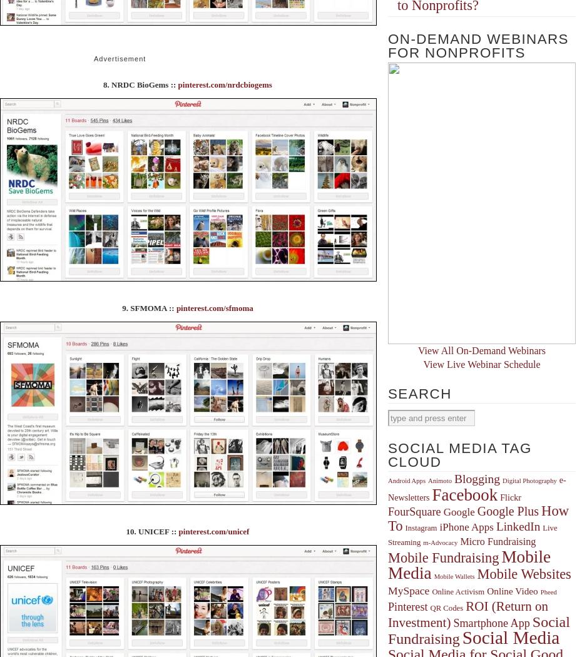 This screenshot has width=582, height=657. Describe the element at coordinates (152, 531) in the screenshot. I see `'10. UNICEF ::'` at that location.